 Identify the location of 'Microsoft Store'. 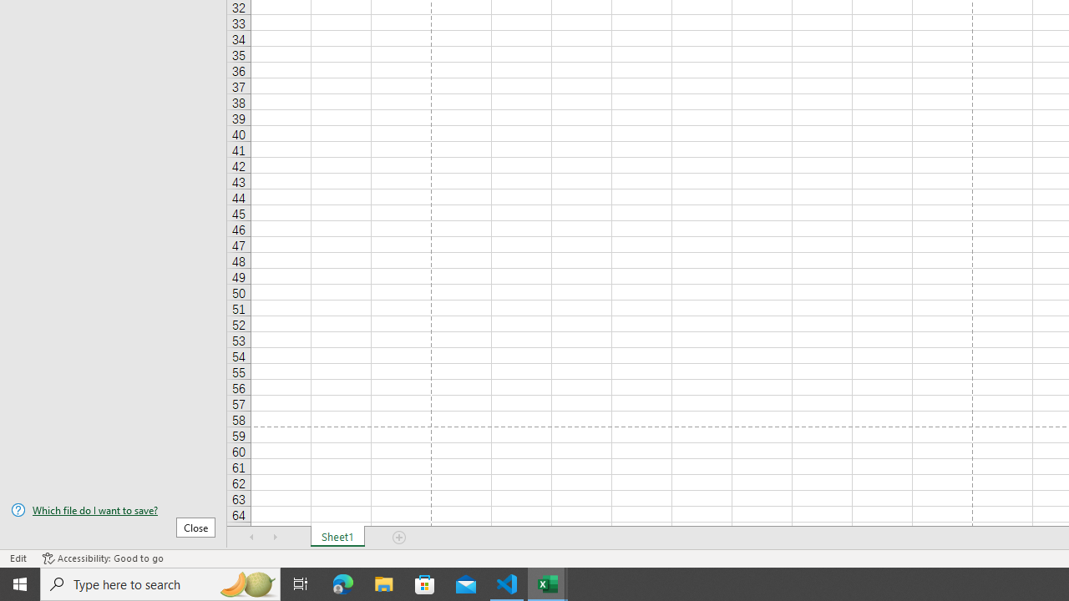
(425, 583).